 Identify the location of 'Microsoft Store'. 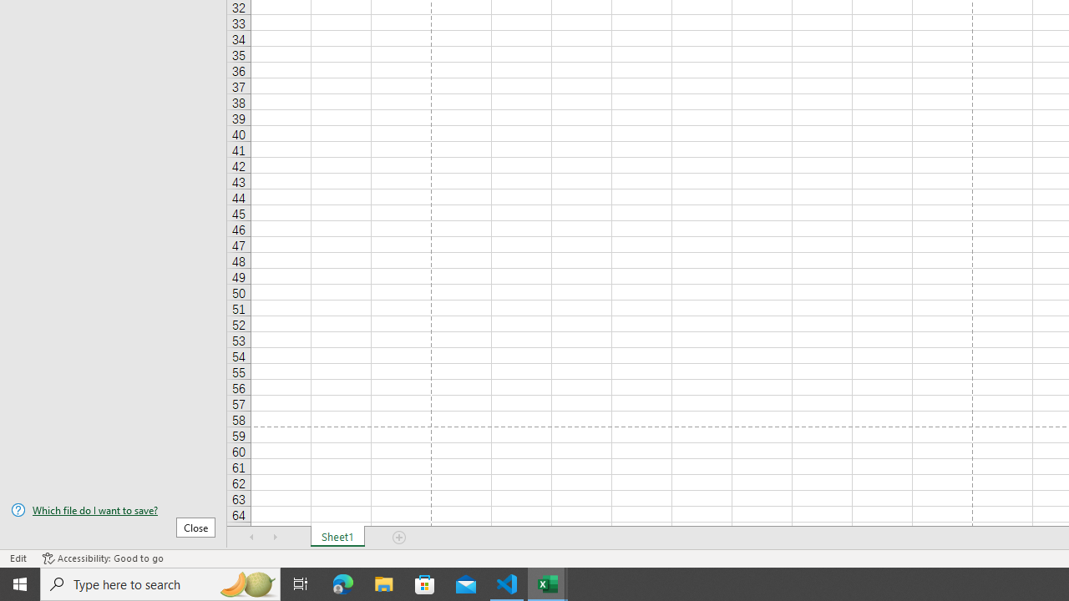
(425, 583).